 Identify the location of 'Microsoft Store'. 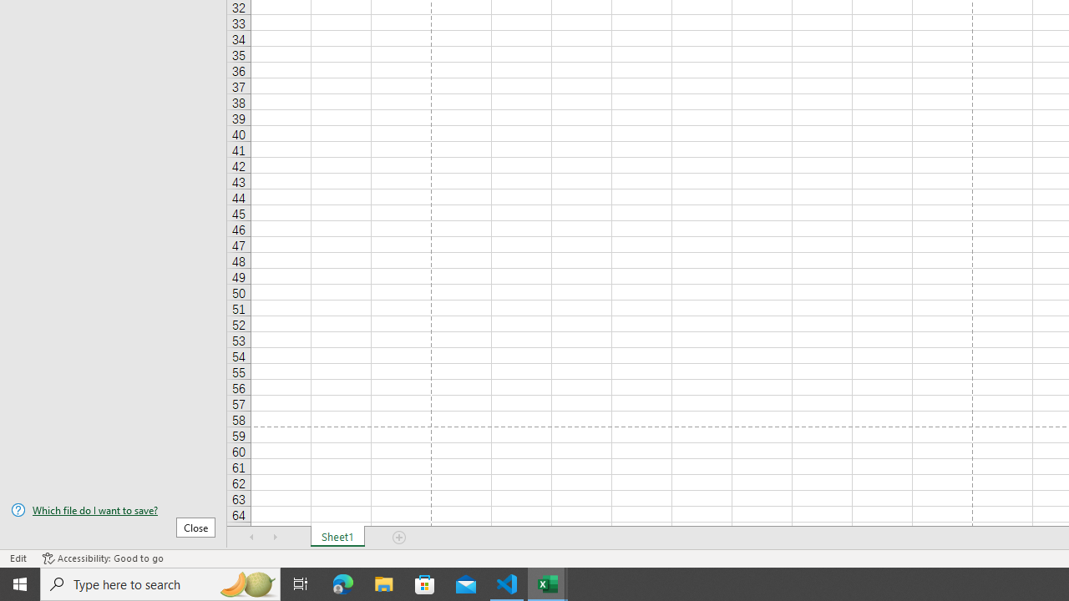
(425, 583).